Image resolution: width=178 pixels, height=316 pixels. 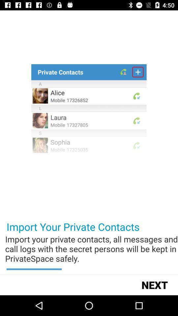 I want to click on the next, so click(x=155, y=284).